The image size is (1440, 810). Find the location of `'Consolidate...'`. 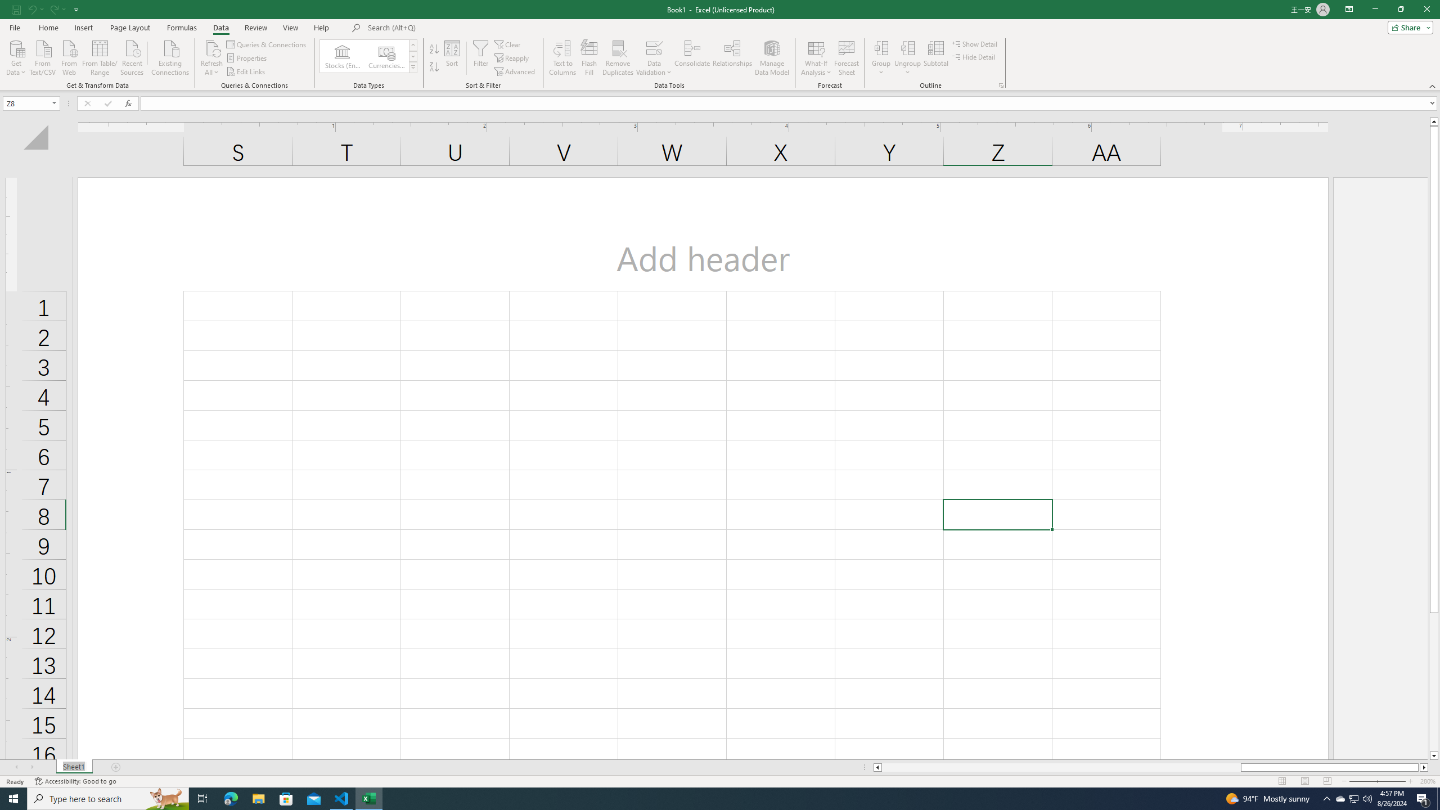

'Consolidate...' is located at coordinates (692, 58).